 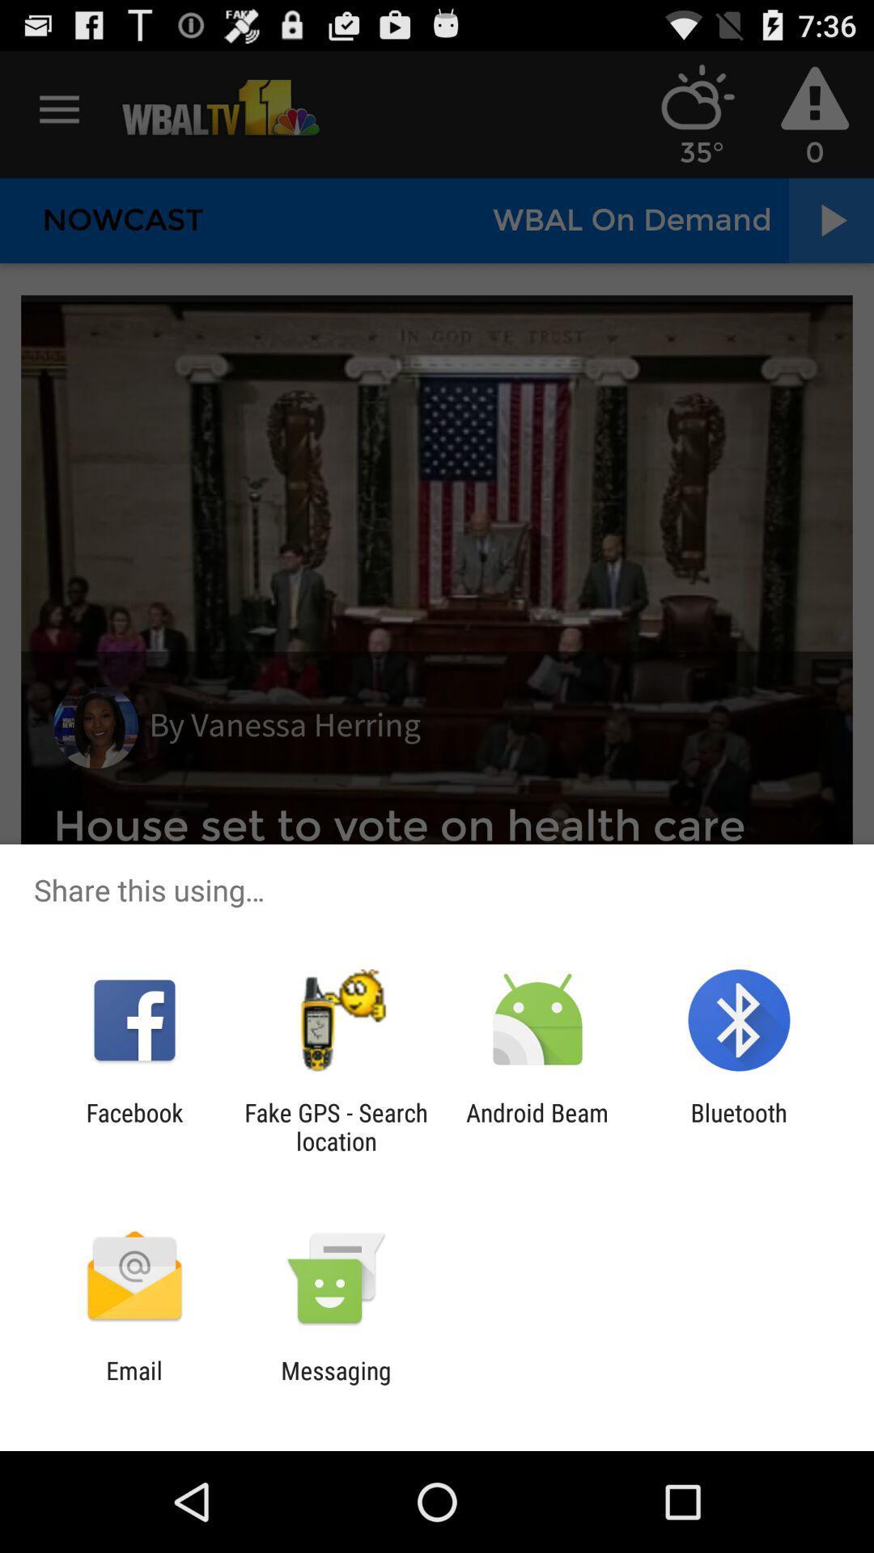 What do you see at coordinates (335, 1384) in the screenshot?
I see `icon next to the email app` at bounding box center [335, 1384].